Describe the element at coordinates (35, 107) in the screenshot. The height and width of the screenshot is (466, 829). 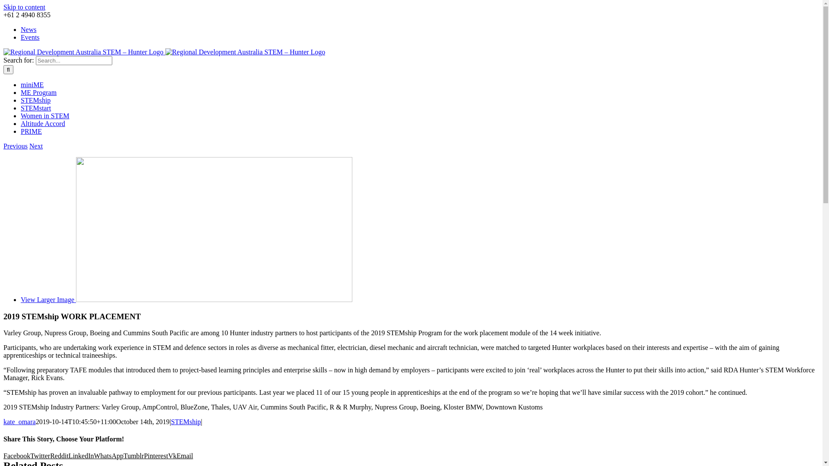
I see `'STEMstart'` at that location.